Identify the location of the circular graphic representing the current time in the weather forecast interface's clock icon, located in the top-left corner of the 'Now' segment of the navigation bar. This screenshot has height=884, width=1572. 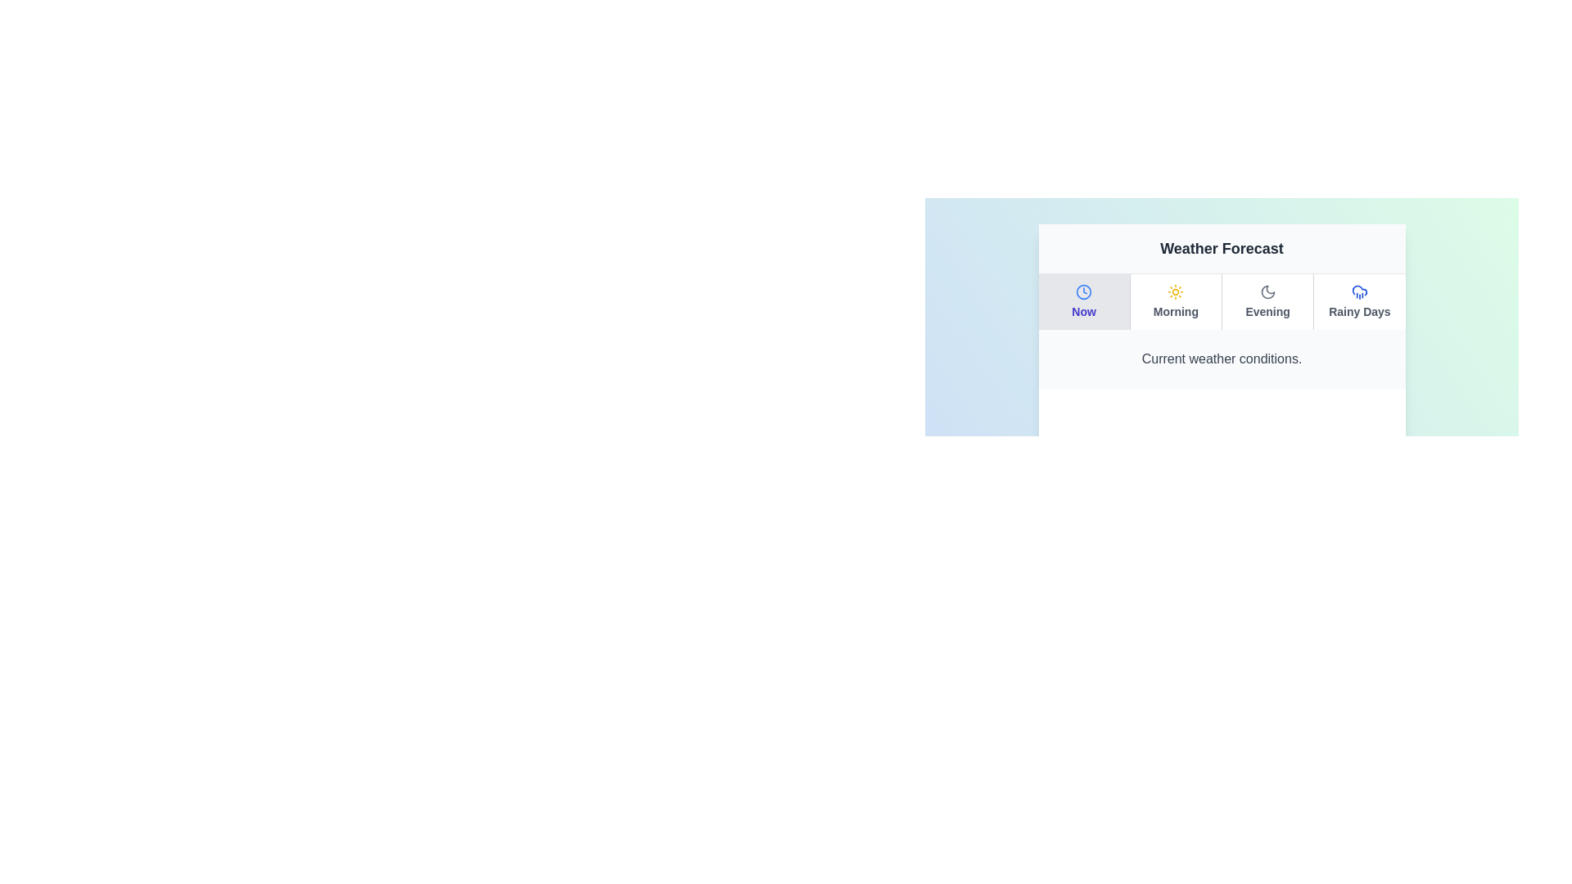
(1084, 291).